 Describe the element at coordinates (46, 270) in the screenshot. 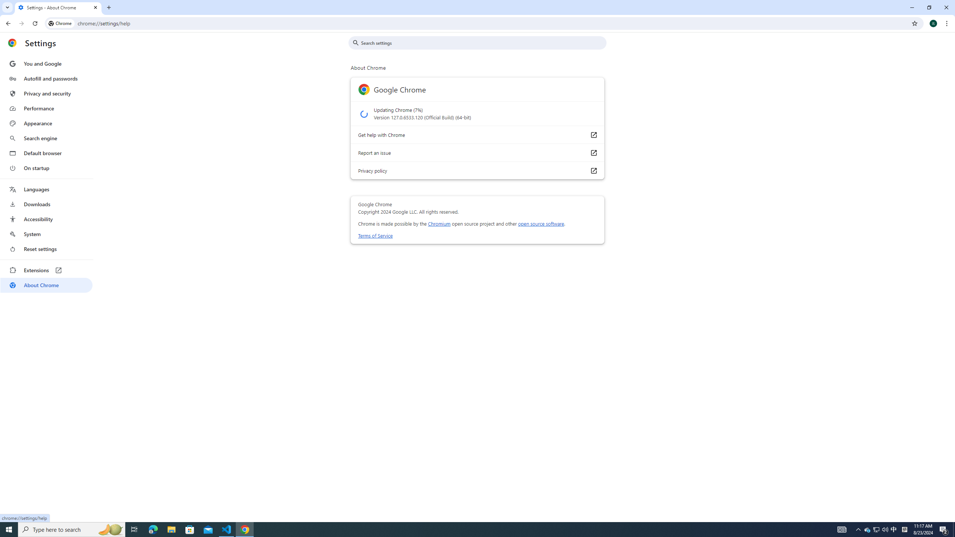

I see `'Extensions'` at that location.